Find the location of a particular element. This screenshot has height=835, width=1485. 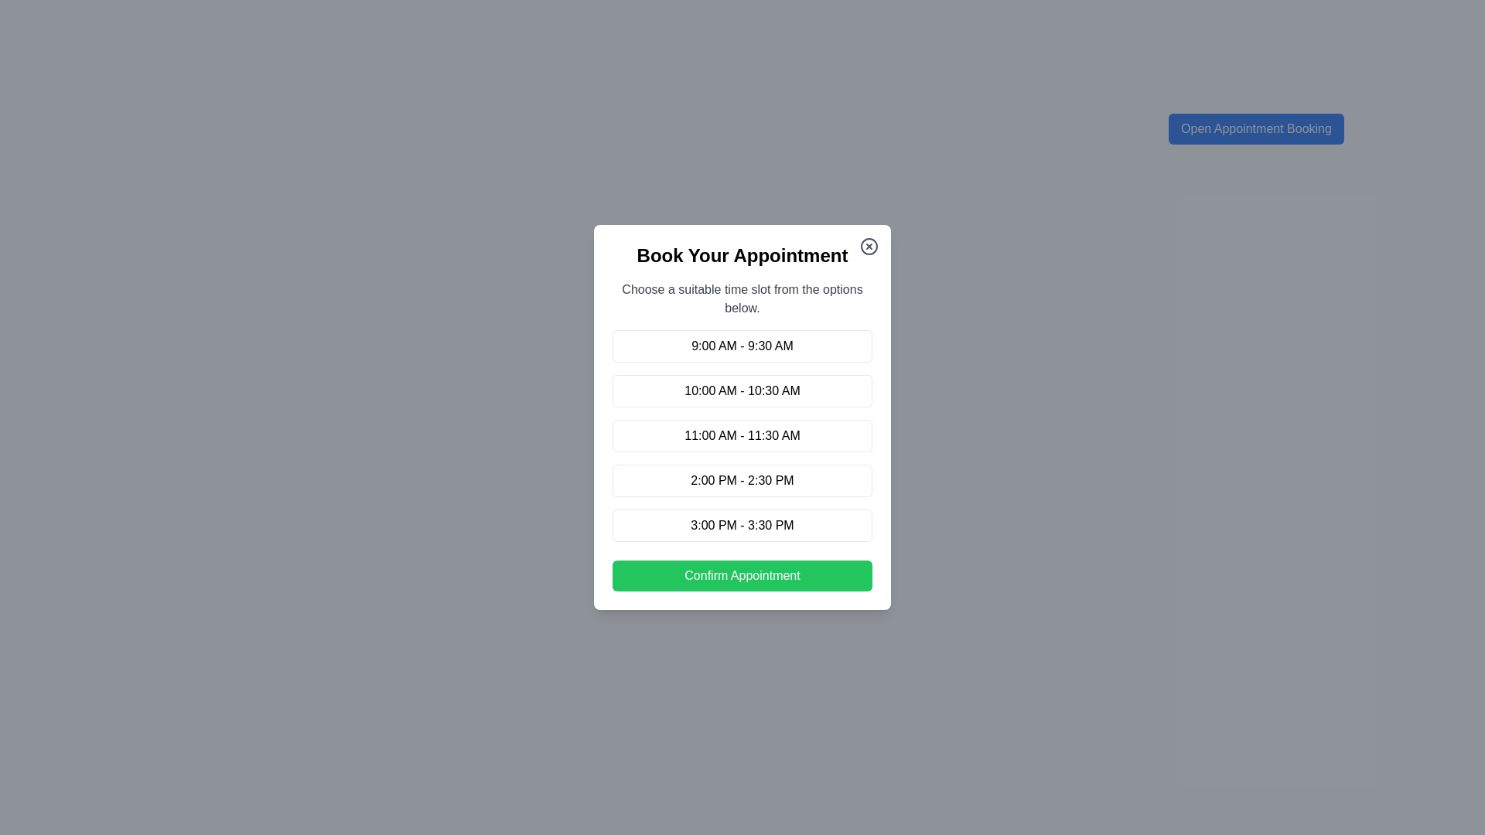

the text label indicating the specific time range available for appointment booking, located in the fifth selectable time slot of the appointment selection modal is located at coordinates (742, 524).